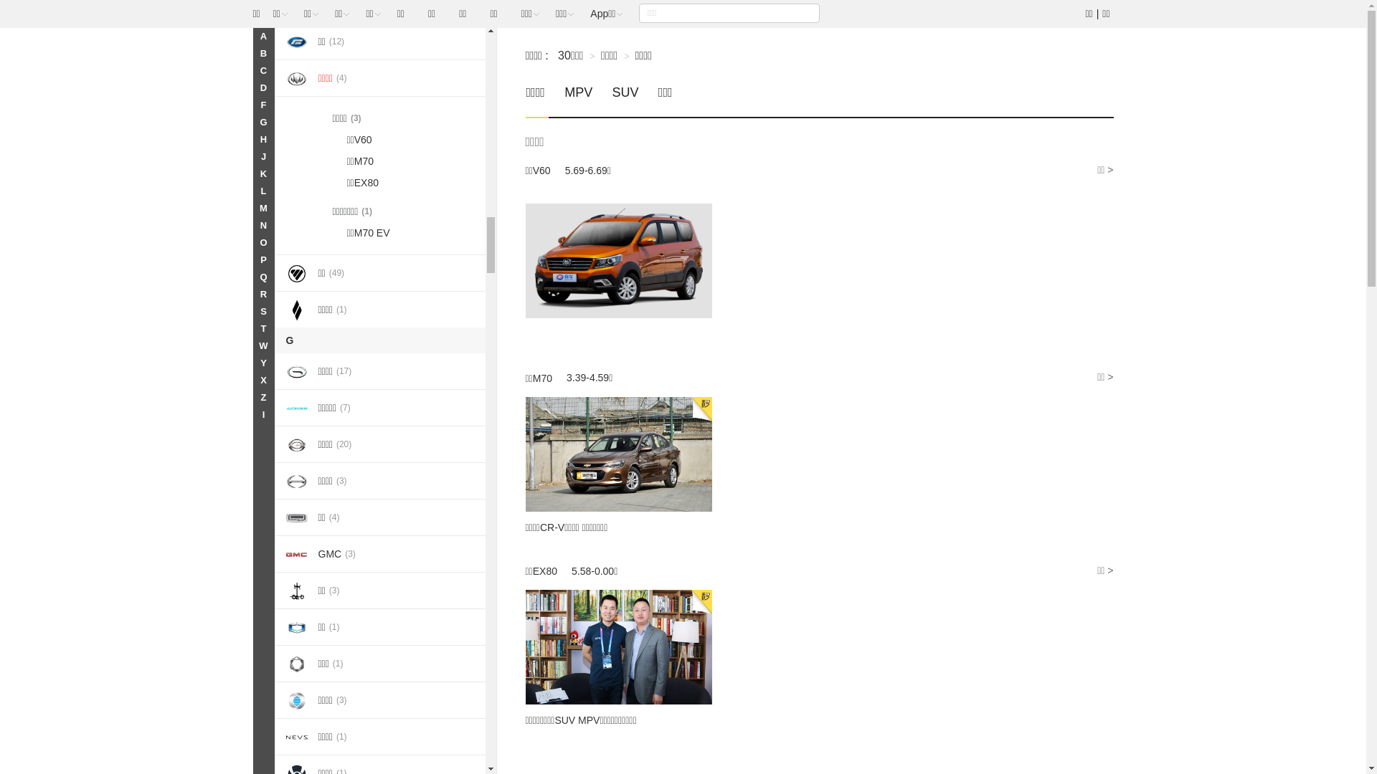 This screenshot has height=774, width=1377. What do you see at coordinates (262, 88) in the screenshot?
I see `'D'` at bounding box center [262, 88].